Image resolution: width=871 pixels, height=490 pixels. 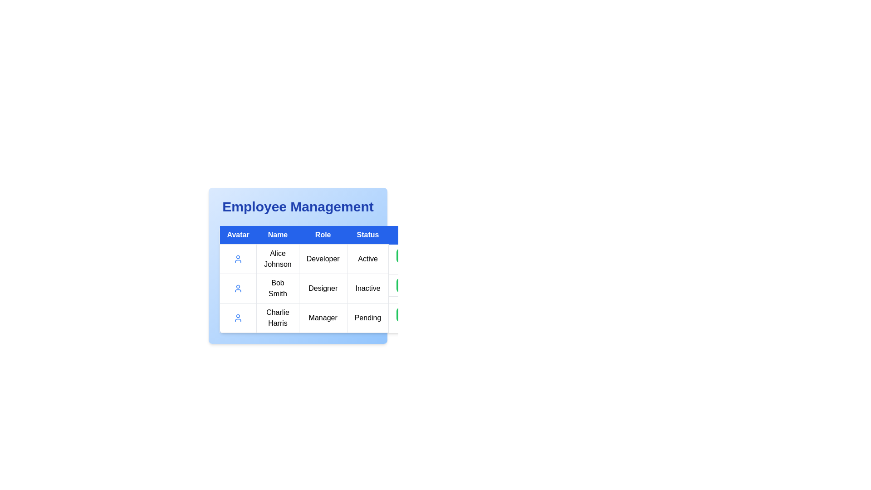 What do you see at coordinates (323, 318) in the screenshot?
I see `the text display indicating the role or job position` at bounding box center [323, 318].